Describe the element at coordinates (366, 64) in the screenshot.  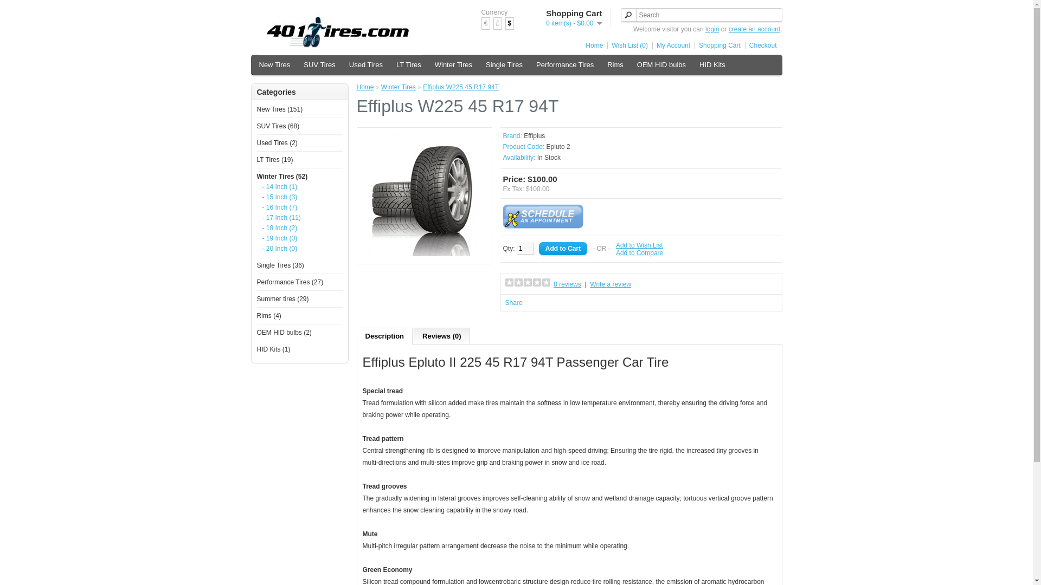
I see `'Used Tires'` at that location.